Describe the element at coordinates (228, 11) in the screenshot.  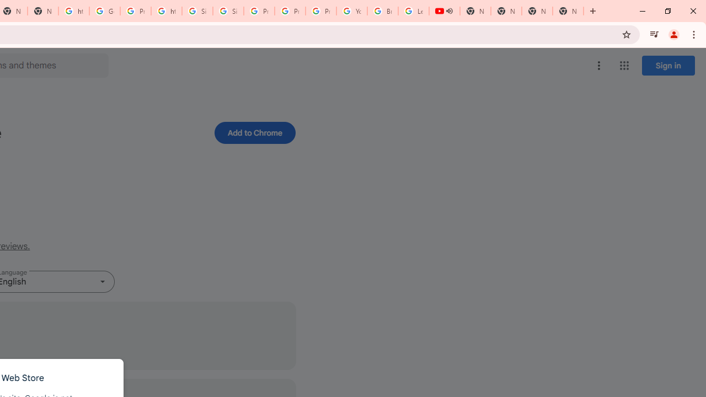
I see `'Sign in - Google Accounts'` at that location.